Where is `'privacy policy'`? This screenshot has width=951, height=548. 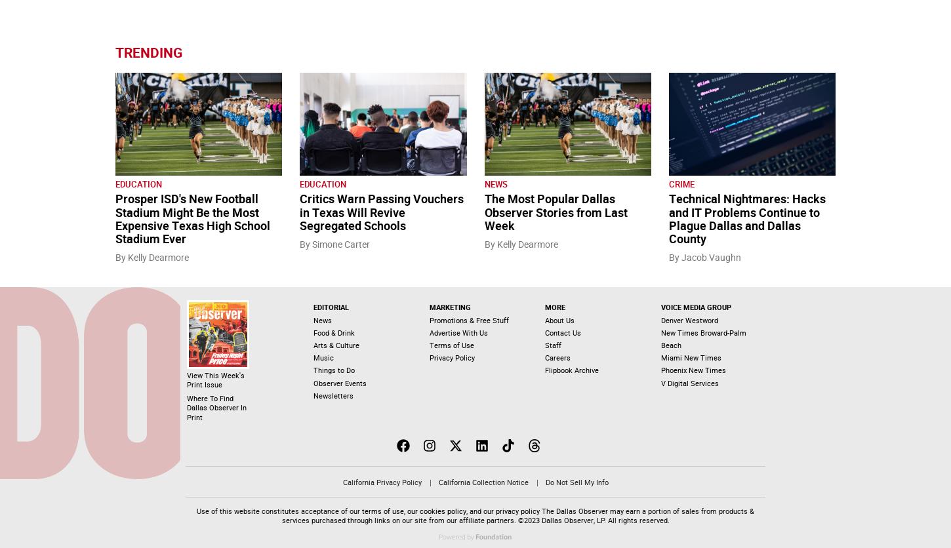 'privacy policy' is located at coordinates (517, 510).